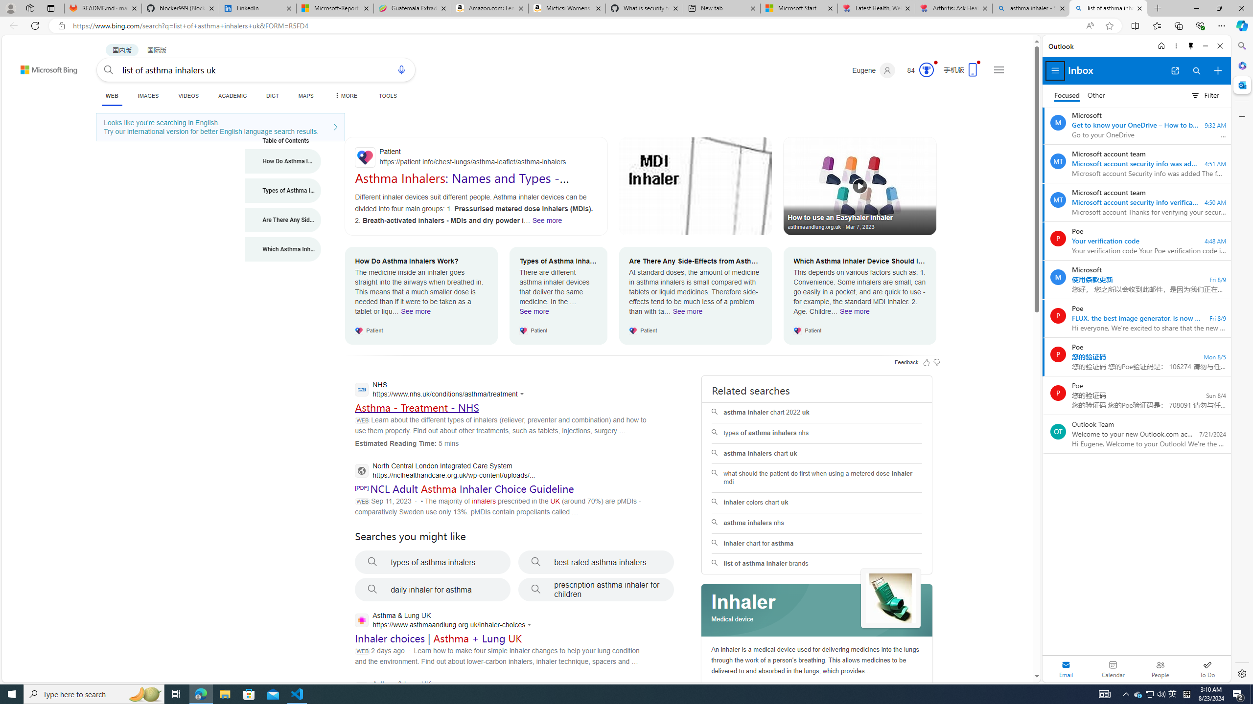 This screenshot has width=1253, height=704. What do you see at coordinates (926, 69) in the screenshot?
I see `'AutomationID: rh_meter'` at bounding box center [926, 69].